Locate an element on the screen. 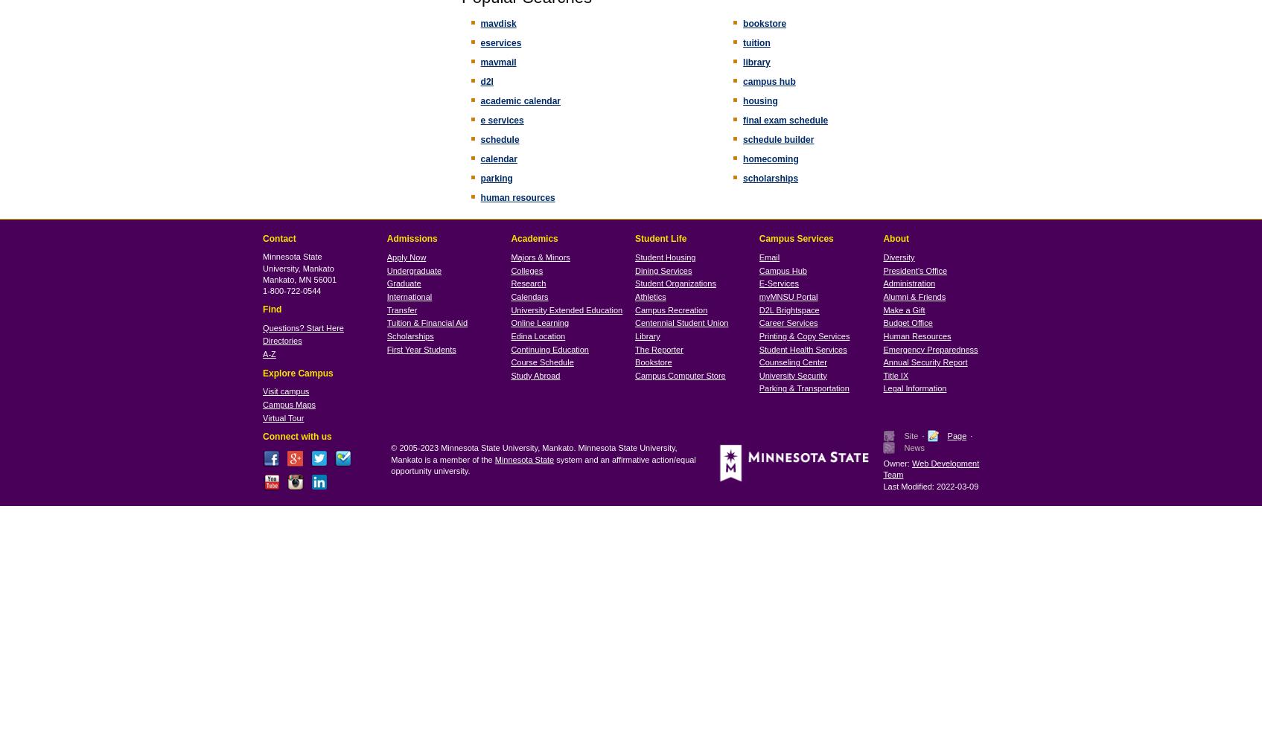  'schedule' is located at coordinates (500, 139).